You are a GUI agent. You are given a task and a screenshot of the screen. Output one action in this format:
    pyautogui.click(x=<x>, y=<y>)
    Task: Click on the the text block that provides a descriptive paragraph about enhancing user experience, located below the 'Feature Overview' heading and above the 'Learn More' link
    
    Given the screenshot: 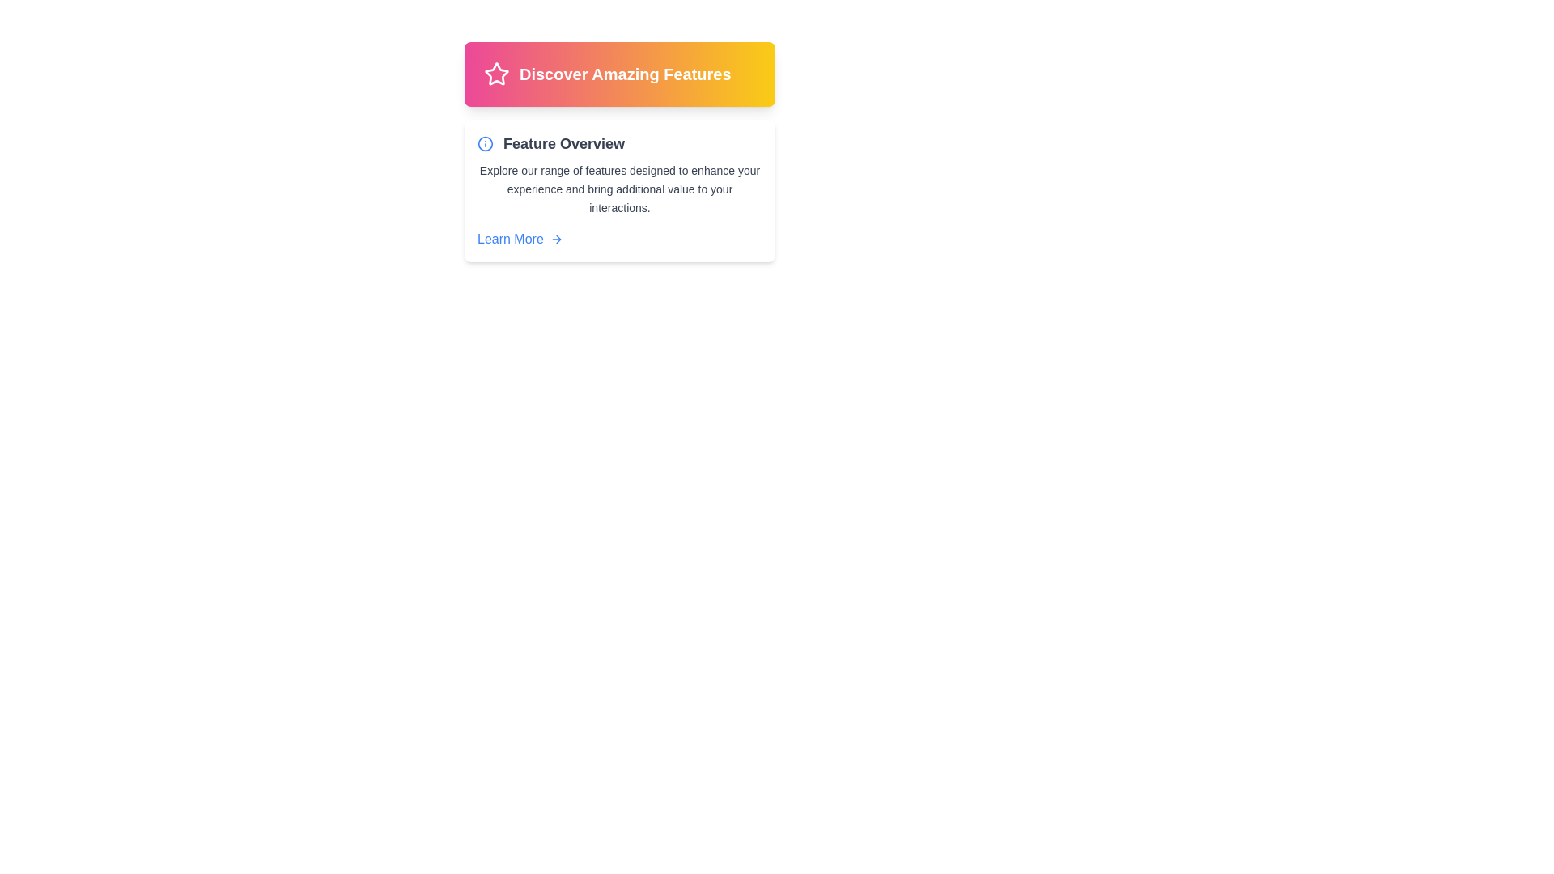 What is the action you would take?
    pyautogui.click(x=619, y=189)
    